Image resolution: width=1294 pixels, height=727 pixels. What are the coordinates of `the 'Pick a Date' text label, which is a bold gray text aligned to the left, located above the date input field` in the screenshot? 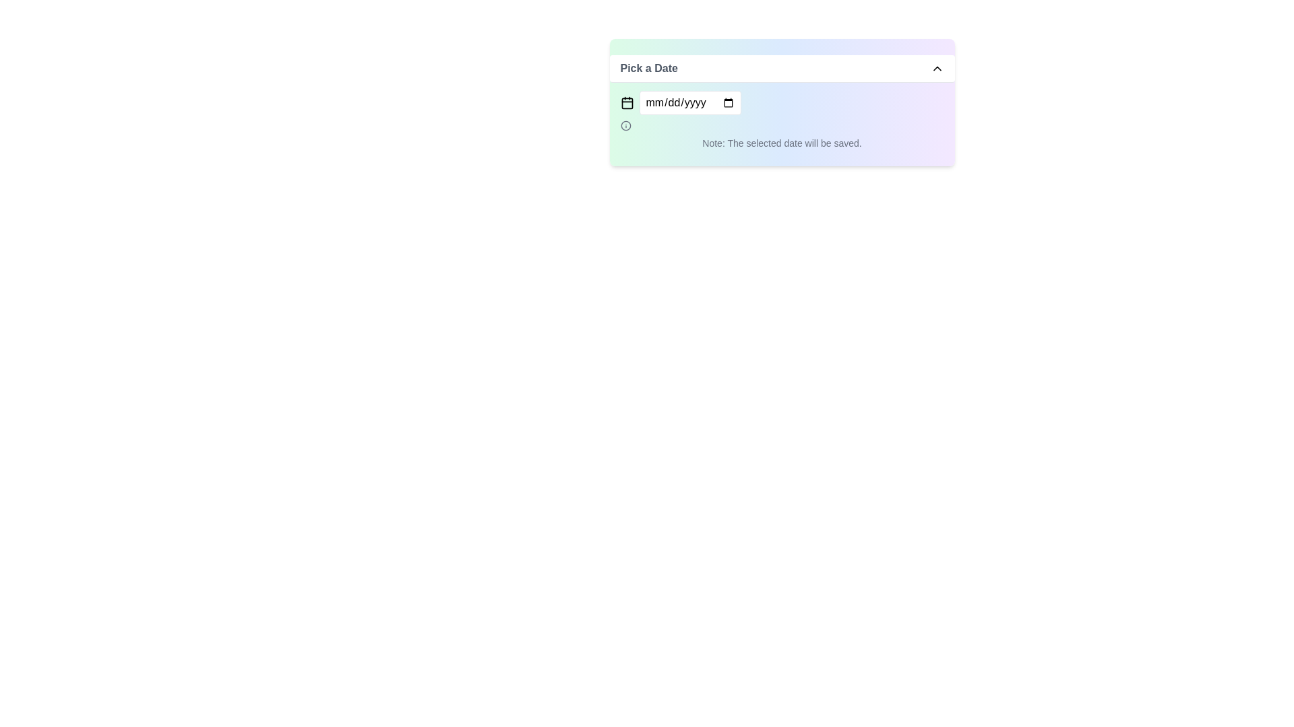 It's located at (649, 68).